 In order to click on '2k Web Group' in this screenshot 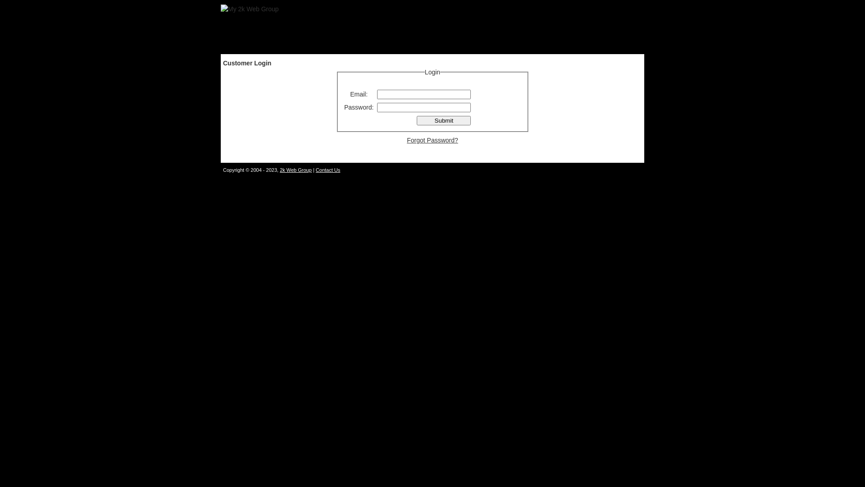, I will do `click(296, 170)`.